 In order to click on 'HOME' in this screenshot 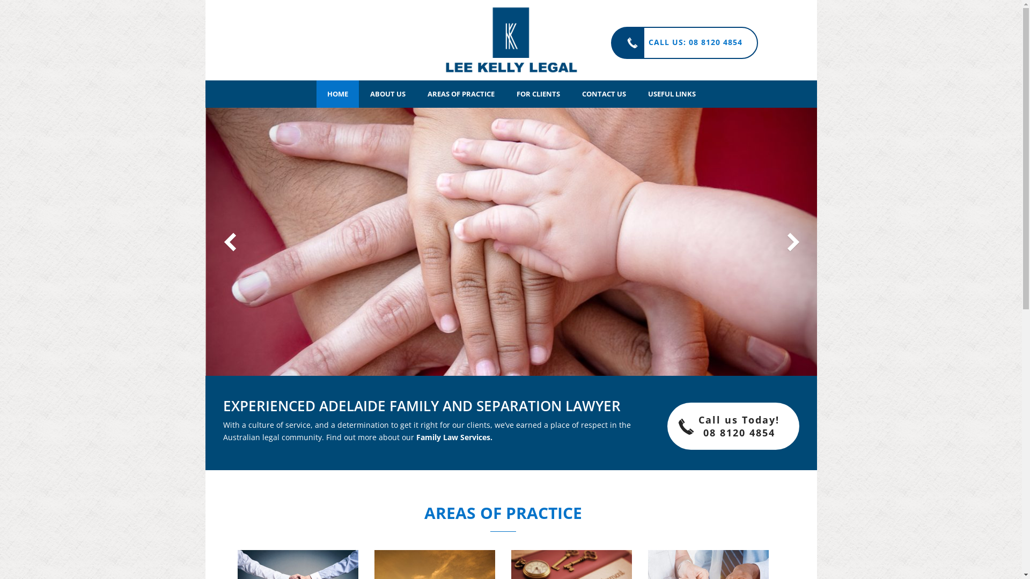, I will do `click(337, 93)`.